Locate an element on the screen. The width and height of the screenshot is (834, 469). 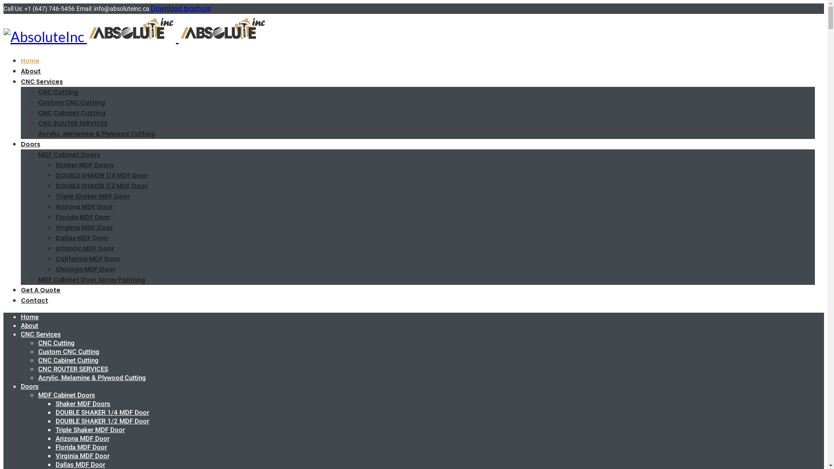
'CNC Cabinet Cutting' is located at coordinates (68, 360).